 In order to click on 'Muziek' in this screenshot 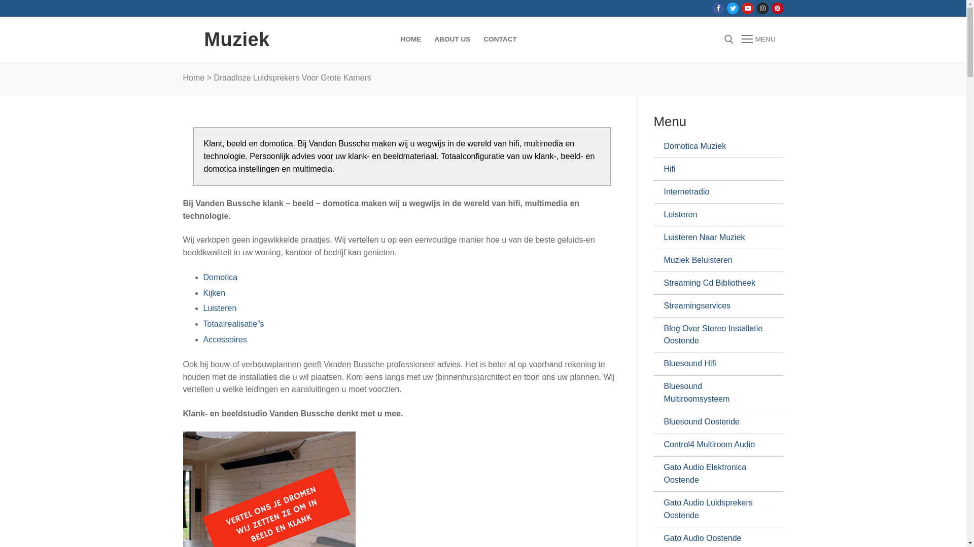, I will do `click(236, 38)`.